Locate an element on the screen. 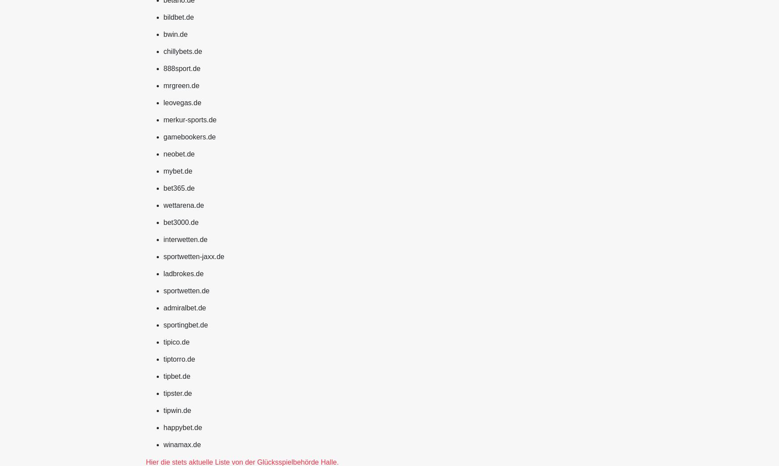  'sportingbet.de' is located at coordinates (185, 324).